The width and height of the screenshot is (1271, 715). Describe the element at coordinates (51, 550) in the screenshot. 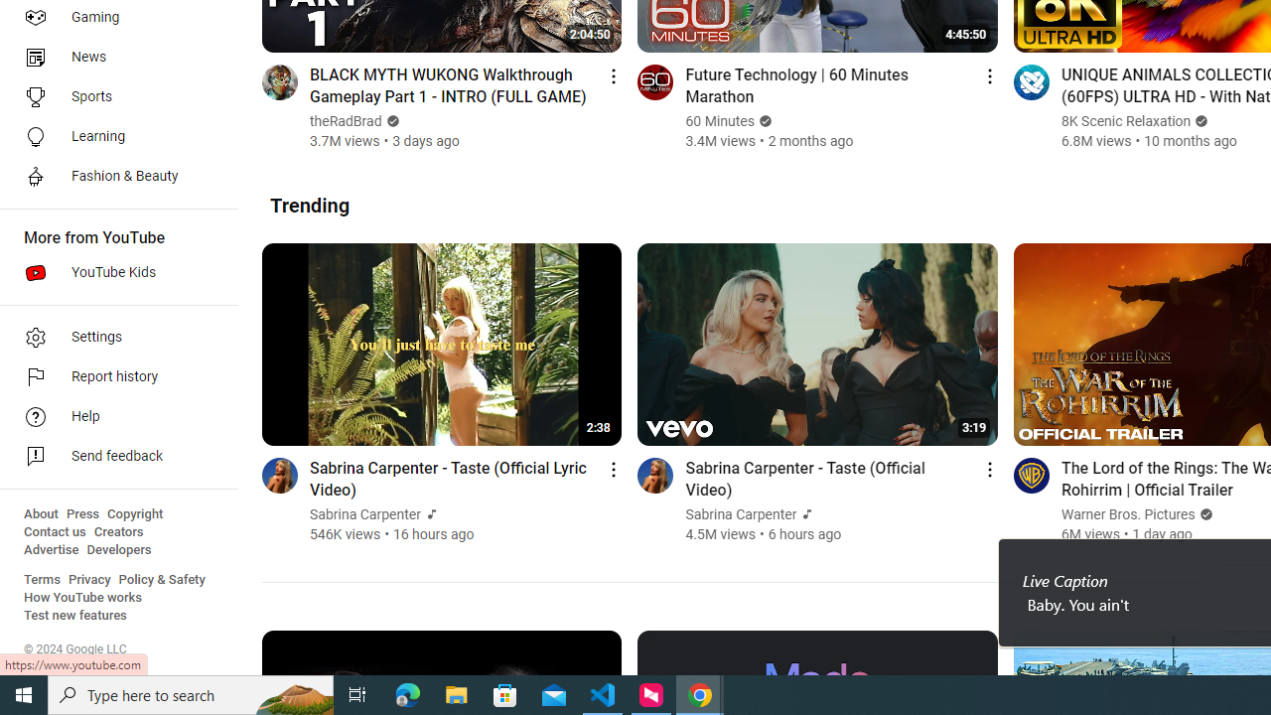

I see `'Advertise'` at that location.